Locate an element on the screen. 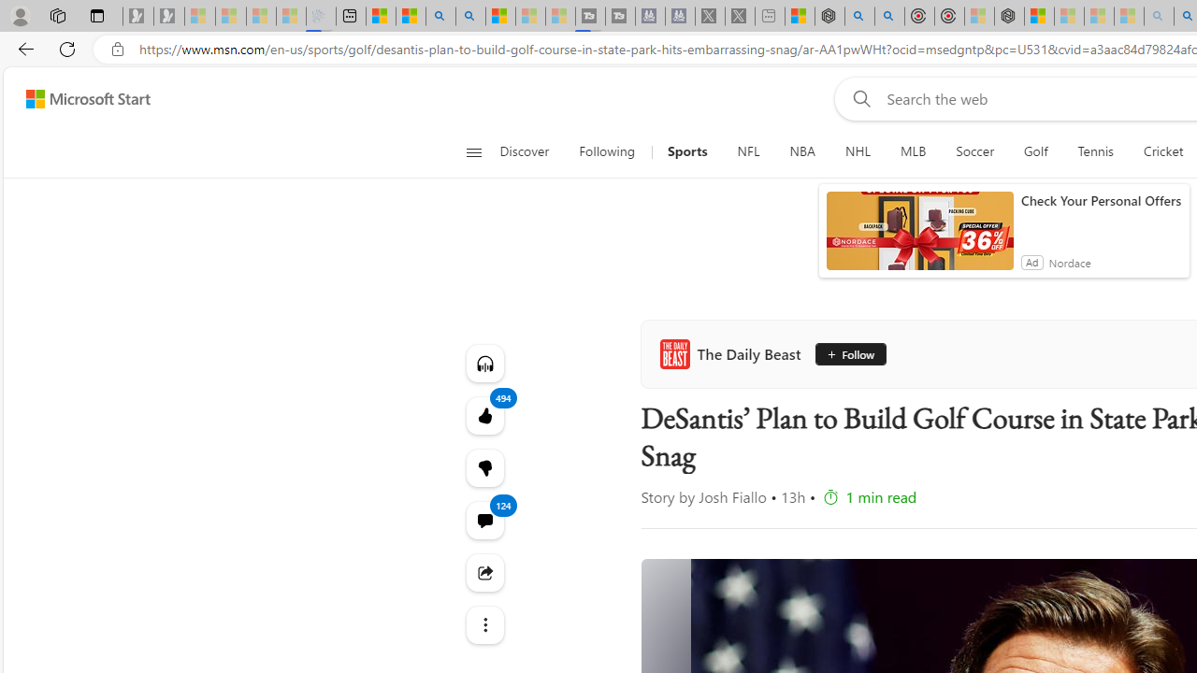 This screenshot has height=673, width=1197. 'Nordace' is located at coordinates (1070, 262).